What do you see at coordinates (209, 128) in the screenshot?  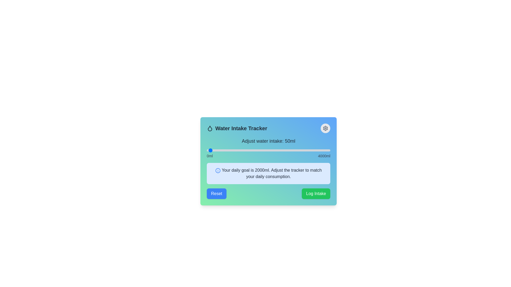 I see `the water droplet icon in the top-left corner of the 'Water Intake Tracker' card, which features a minimalistic black design` at bounding box center [209, 128].